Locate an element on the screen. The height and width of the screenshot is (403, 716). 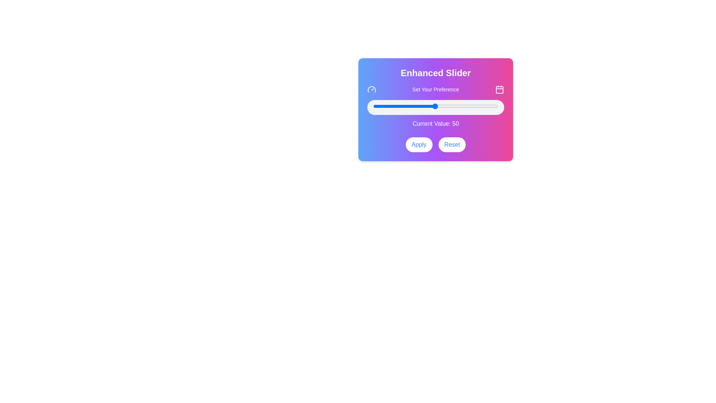
the slider value is located at coordinates (393, 106).